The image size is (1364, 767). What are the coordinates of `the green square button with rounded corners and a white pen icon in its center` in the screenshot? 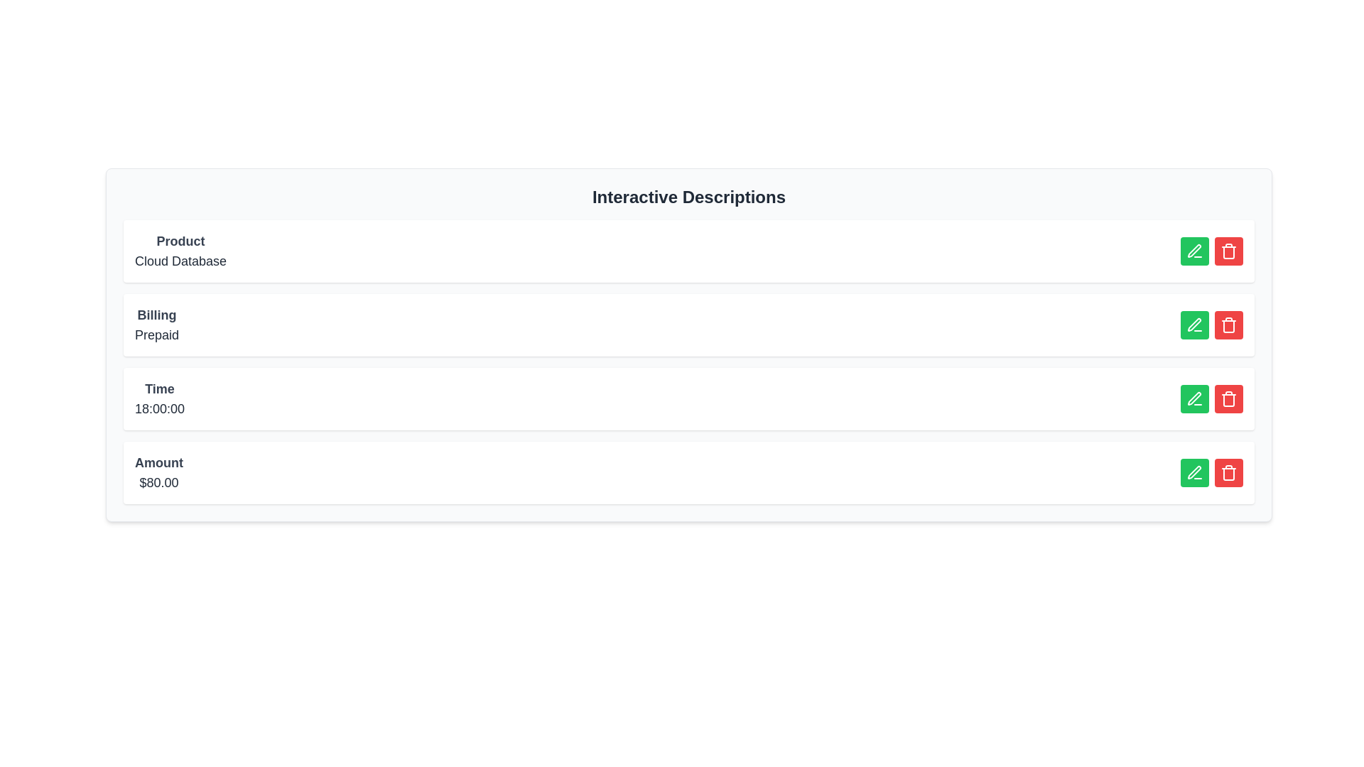 It's located at (1193, 251).